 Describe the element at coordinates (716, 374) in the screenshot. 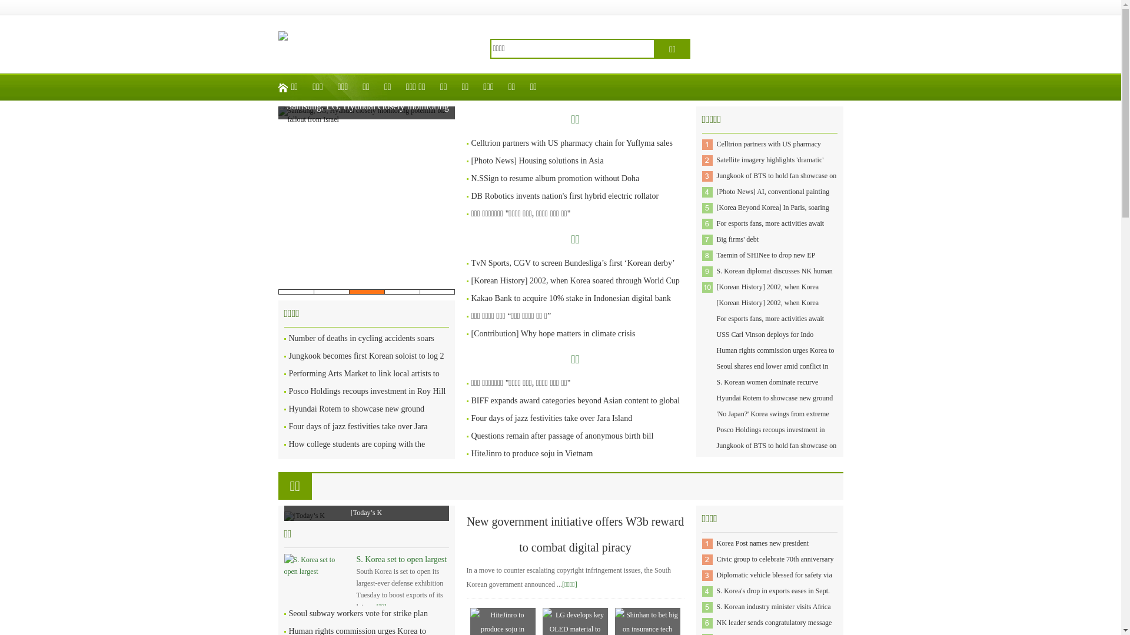

I see `'Seoul shares end lower amid conflict in Middle East'` at that location.